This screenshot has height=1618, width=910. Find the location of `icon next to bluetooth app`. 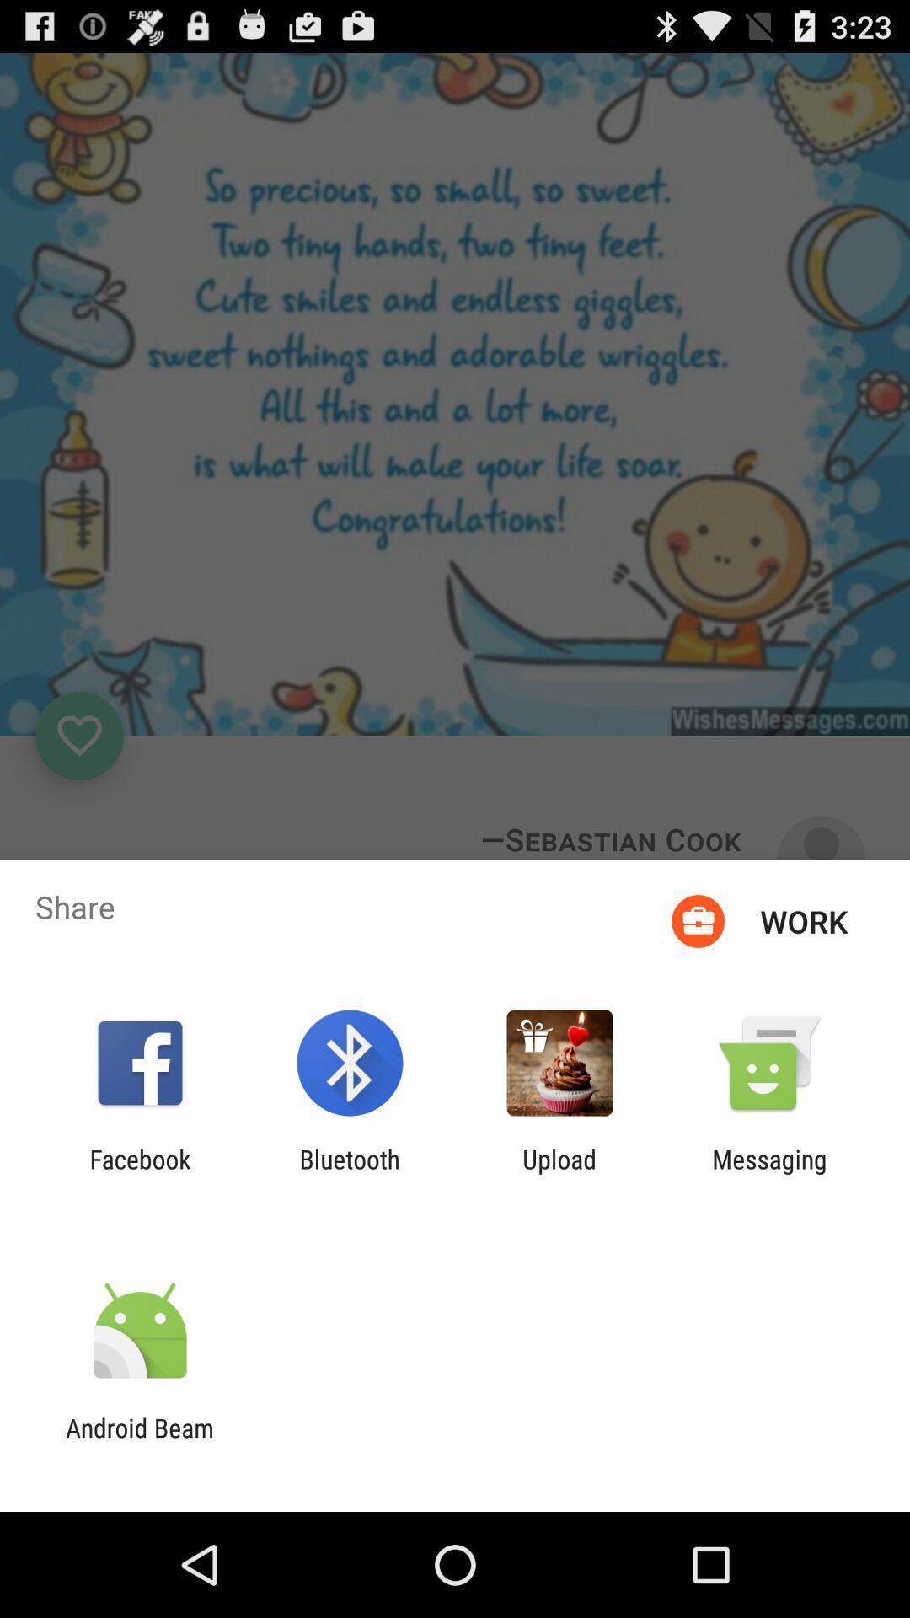

icon next to bluetooth app is located at coordinates (559, 1173).